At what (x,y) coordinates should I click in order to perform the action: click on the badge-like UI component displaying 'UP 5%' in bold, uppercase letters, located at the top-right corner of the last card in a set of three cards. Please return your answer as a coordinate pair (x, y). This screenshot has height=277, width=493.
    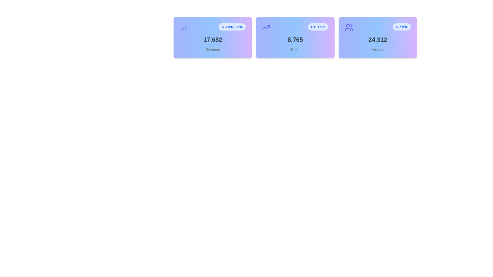
    Looking at the image, I should click on (401, 27).